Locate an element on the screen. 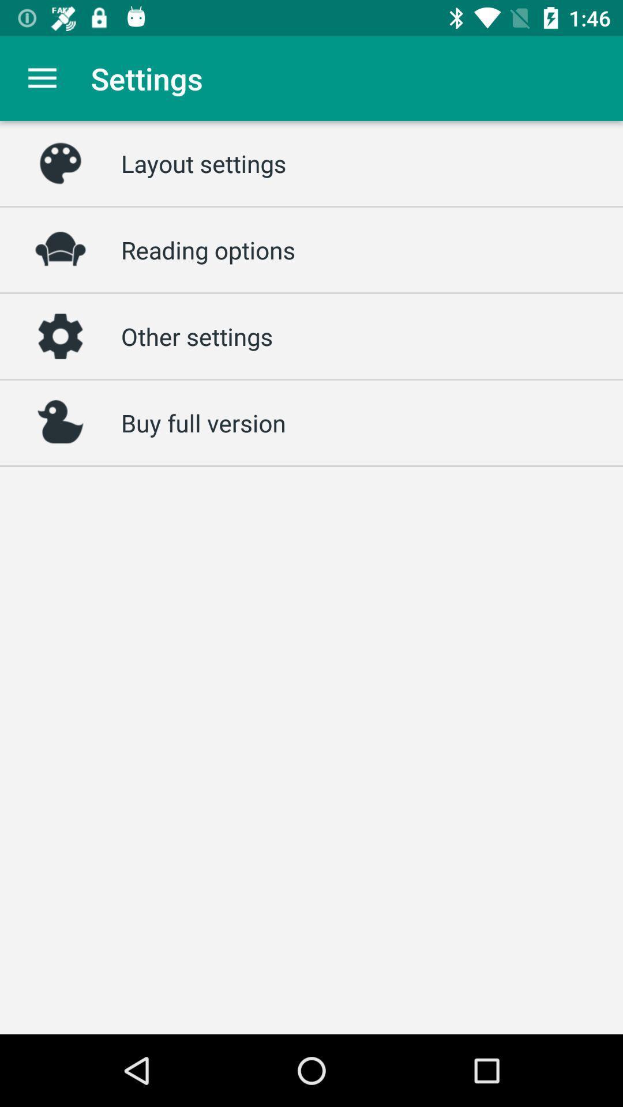 The image size is (623, 1107). the reading options item is located at coordinates (208, 249).